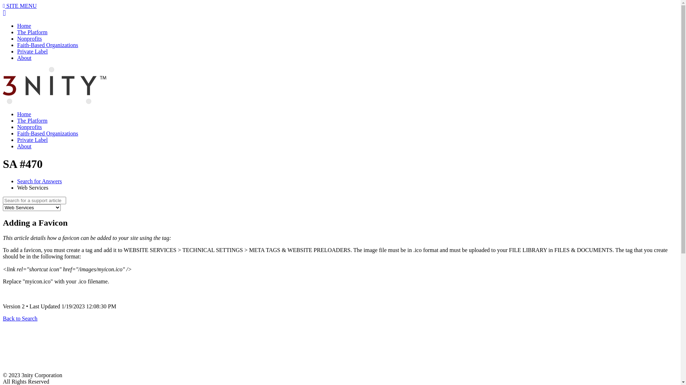  I want to click on 'Home', so click(24, 114).